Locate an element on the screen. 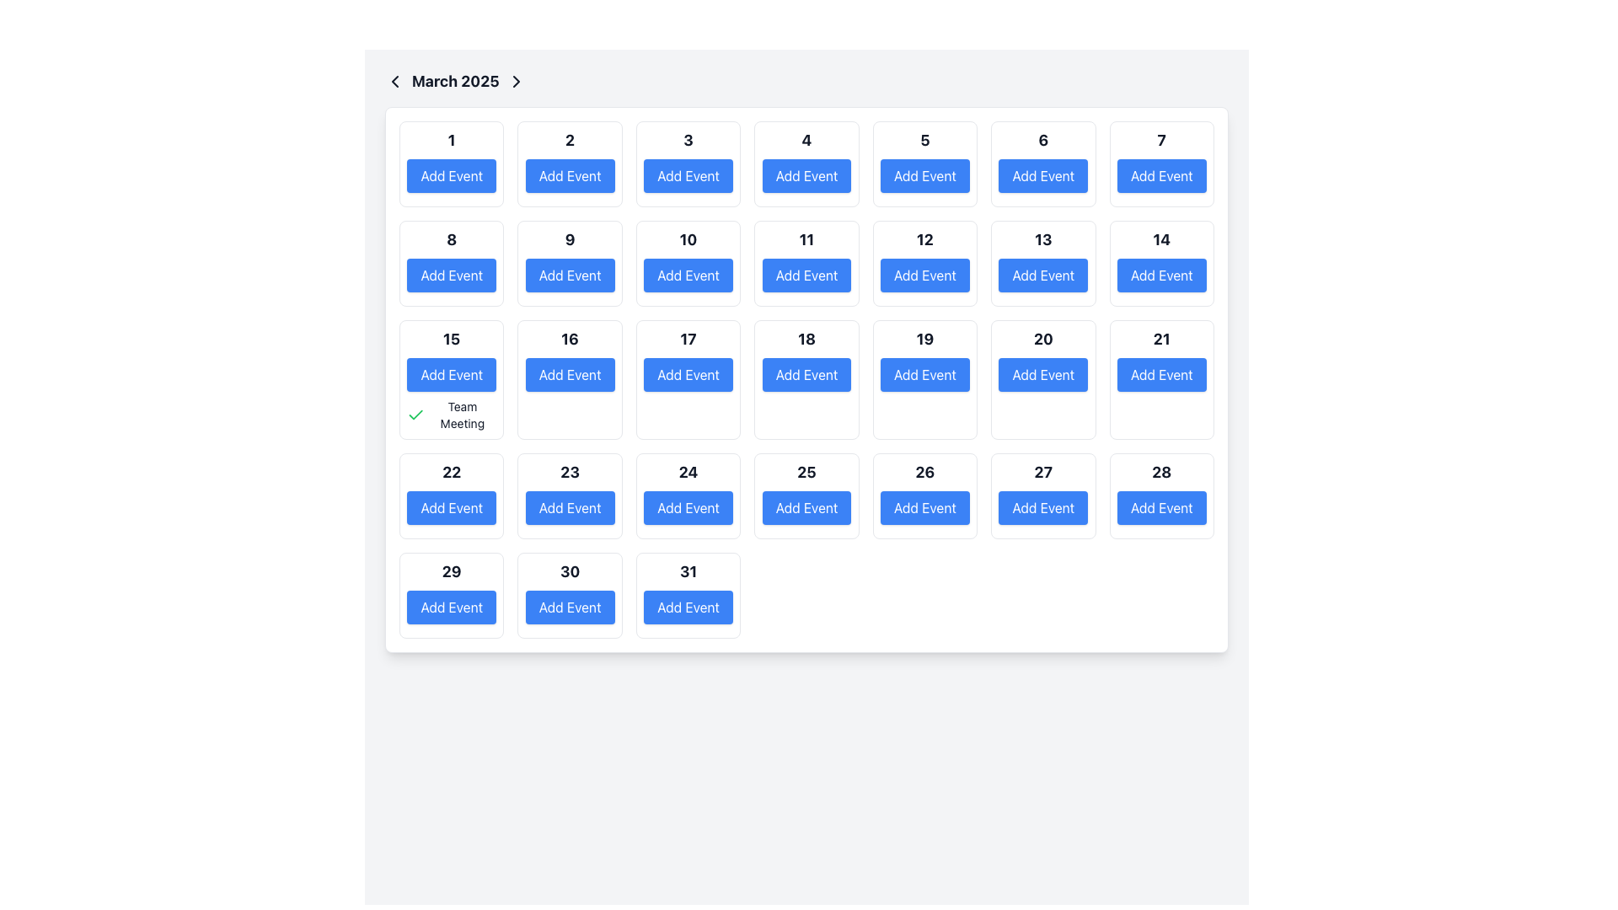 Image resolution: width=1618 pixels, height=910 pixels. the Calendar Day Cell is located at coordinates (924, 380).